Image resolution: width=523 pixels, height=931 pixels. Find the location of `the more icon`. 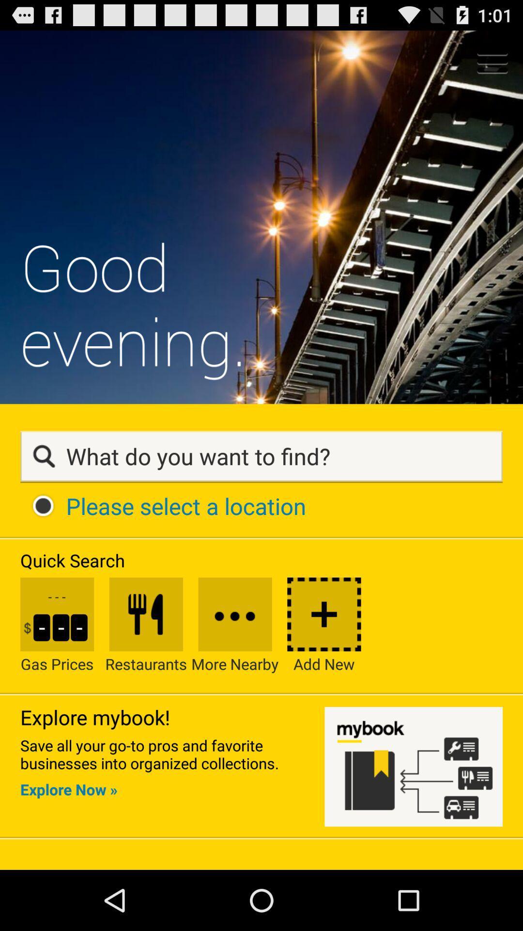

the more icon is located at coordinates (235, 671).